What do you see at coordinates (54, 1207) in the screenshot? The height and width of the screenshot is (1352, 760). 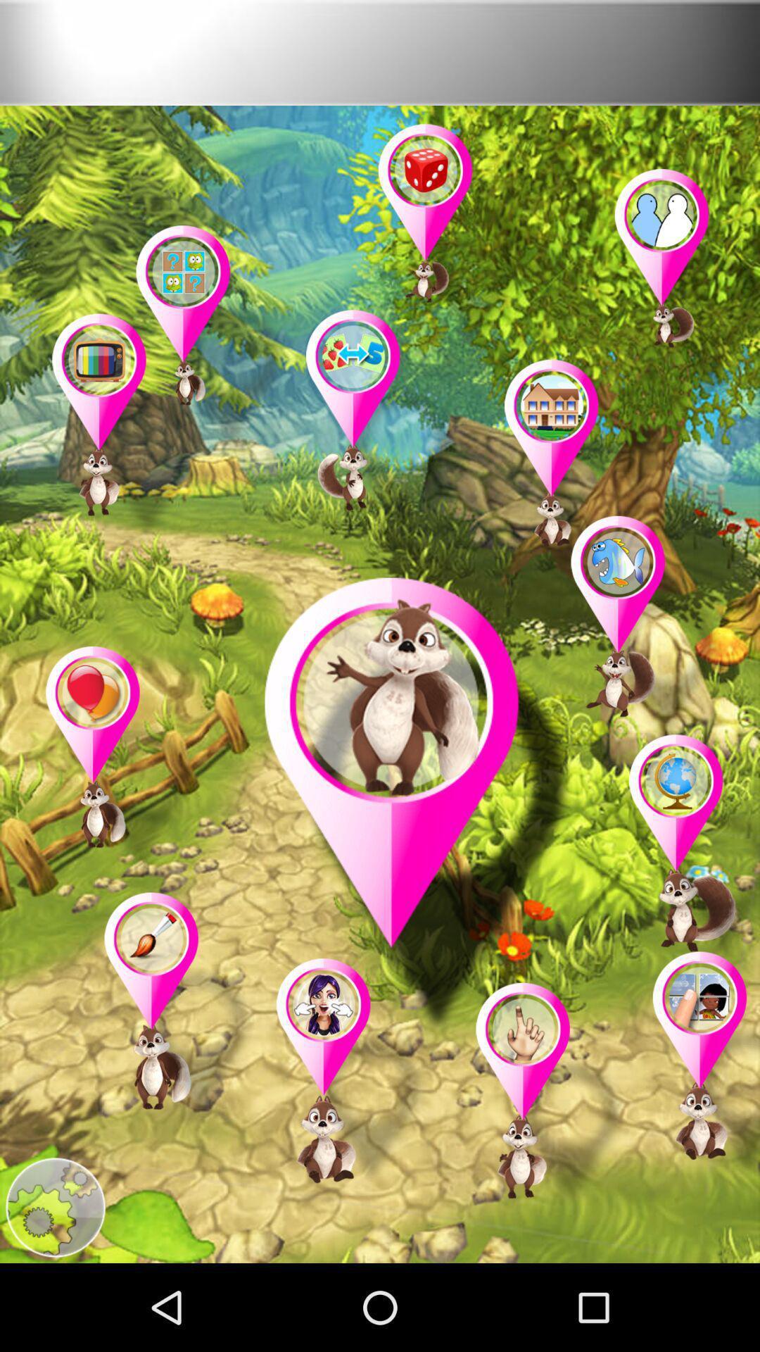 I see `setting option` at bounding box center [54, 1207].